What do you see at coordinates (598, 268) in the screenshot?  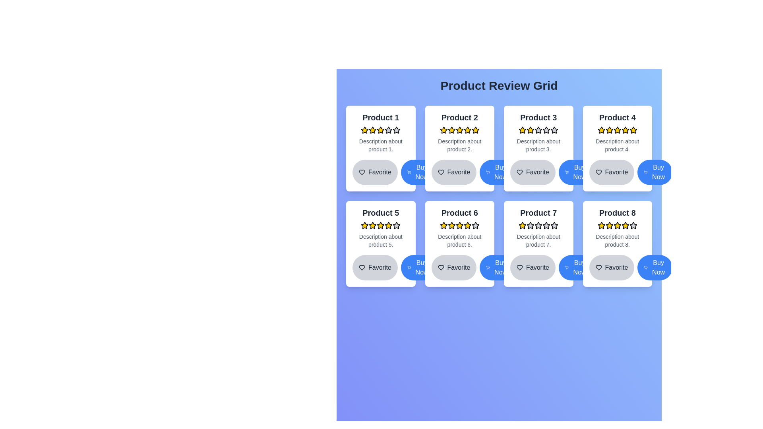 I see `the heart-shaped icon representing the 'favorite' action, located within the 'Product 8' card under the button labeled 'Favorite.'` at bounding box center [598, 268].